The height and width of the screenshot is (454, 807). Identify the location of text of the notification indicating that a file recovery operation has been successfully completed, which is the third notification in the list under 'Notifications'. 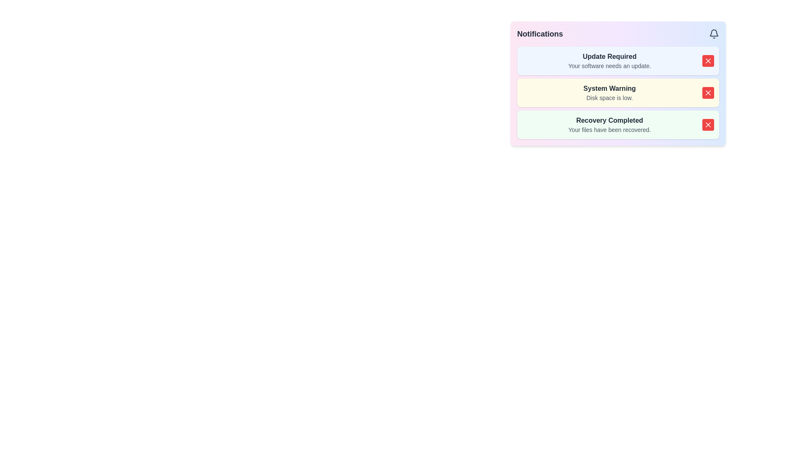
(609, 125).